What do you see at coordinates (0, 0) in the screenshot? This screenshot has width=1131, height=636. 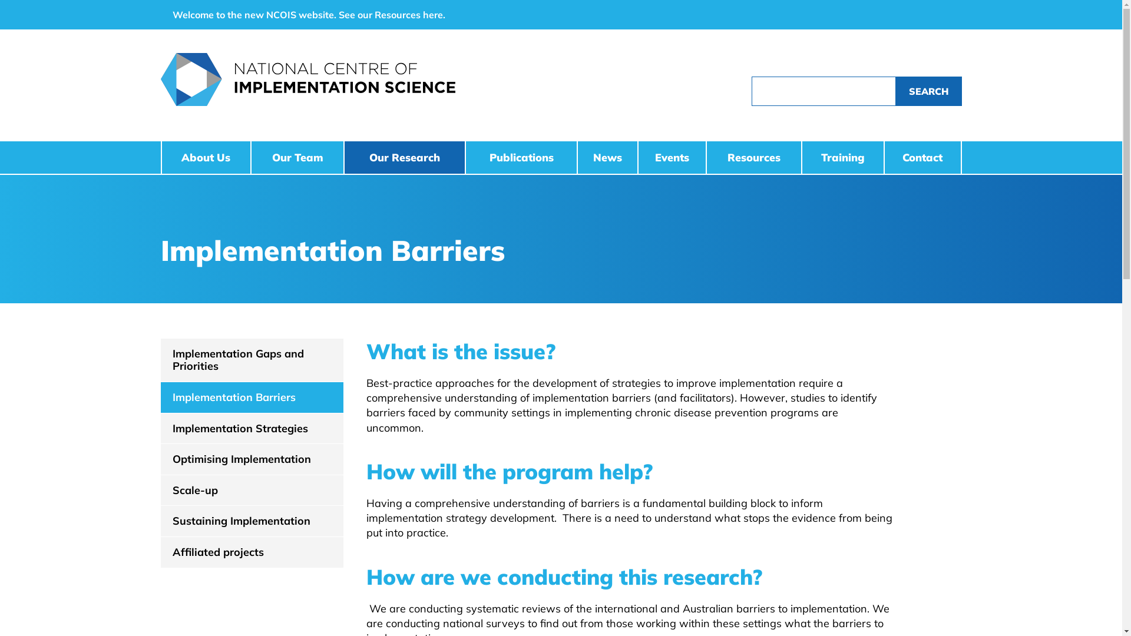 I see `'Skip to content'` at bounding box center [0, 0].